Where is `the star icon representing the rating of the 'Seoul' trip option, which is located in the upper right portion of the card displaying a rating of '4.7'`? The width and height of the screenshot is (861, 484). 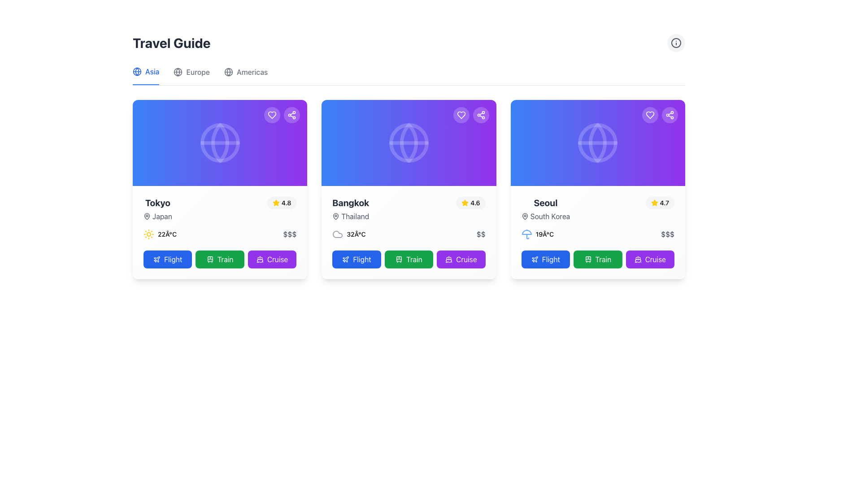 the star icon representing the rating of the 'Seoul' trip option, which is located in the upper right portion of the card displaying a rating of '4.7' is located at coordinates (654, 203).